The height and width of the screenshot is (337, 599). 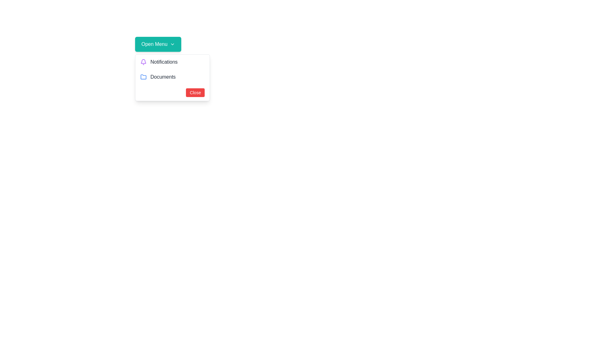 I want to click on the purple bell-shaped notification icon located to the left of the 'Notifications' text in the dropdown menu, so click(x=143, y=62).